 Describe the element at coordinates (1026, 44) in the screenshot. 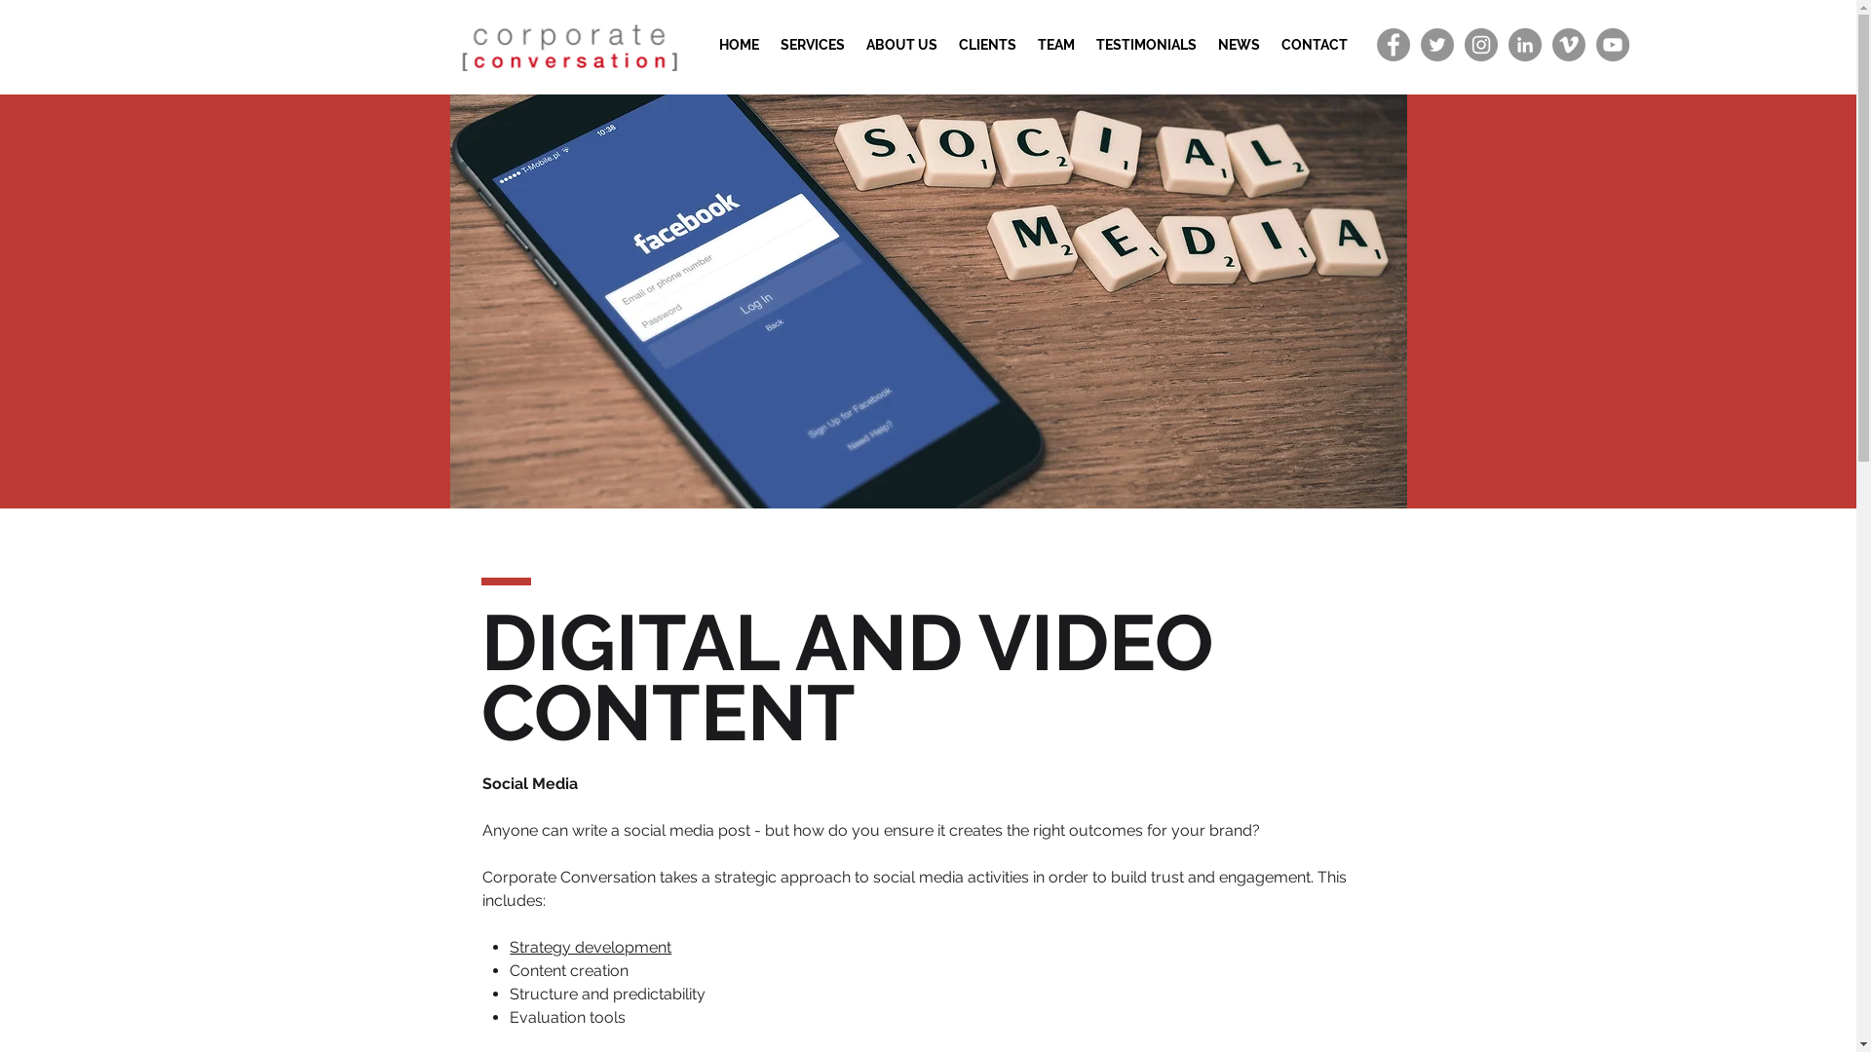

I see `'TEAM'` at that location.